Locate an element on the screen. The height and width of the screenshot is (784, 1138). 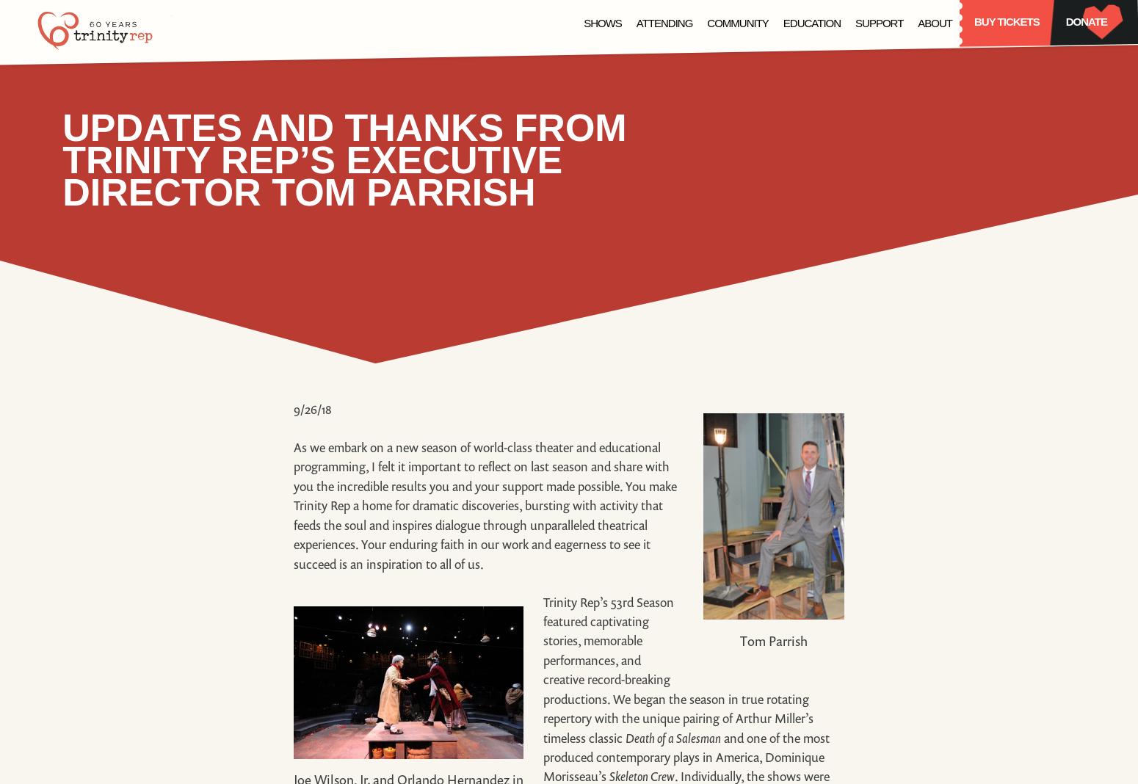
'Anti-Racism' is located at coordinates (879, 92).